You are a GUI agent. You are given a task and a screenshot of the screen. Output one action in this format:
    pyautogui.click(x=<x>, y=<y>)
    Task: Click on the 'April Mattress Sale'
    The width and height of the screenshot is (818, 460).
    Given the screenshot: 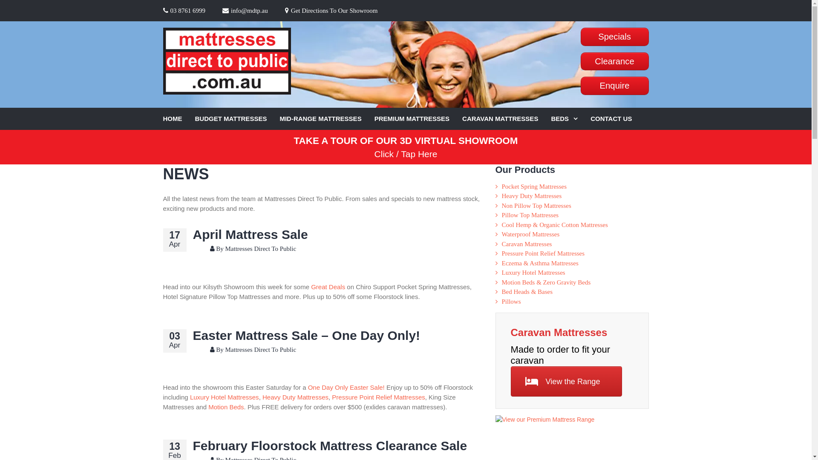 What is the action you would take?
    pyautogui.click(x=192, y=234)
    